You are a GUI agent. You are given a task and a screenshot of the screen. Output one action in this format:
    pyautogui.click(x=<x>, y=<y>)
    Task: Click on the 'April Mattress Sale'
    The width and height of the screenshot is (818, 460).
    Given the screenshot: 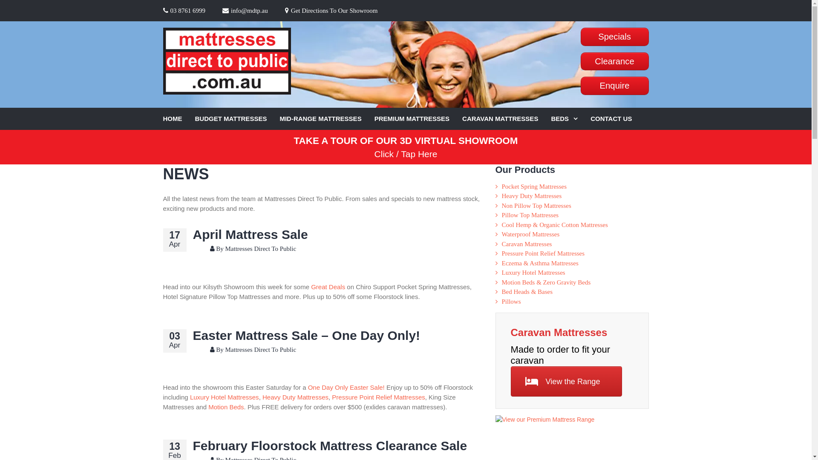 What is the action you would take?
    pyautogui.click(x=192, y=234)
    